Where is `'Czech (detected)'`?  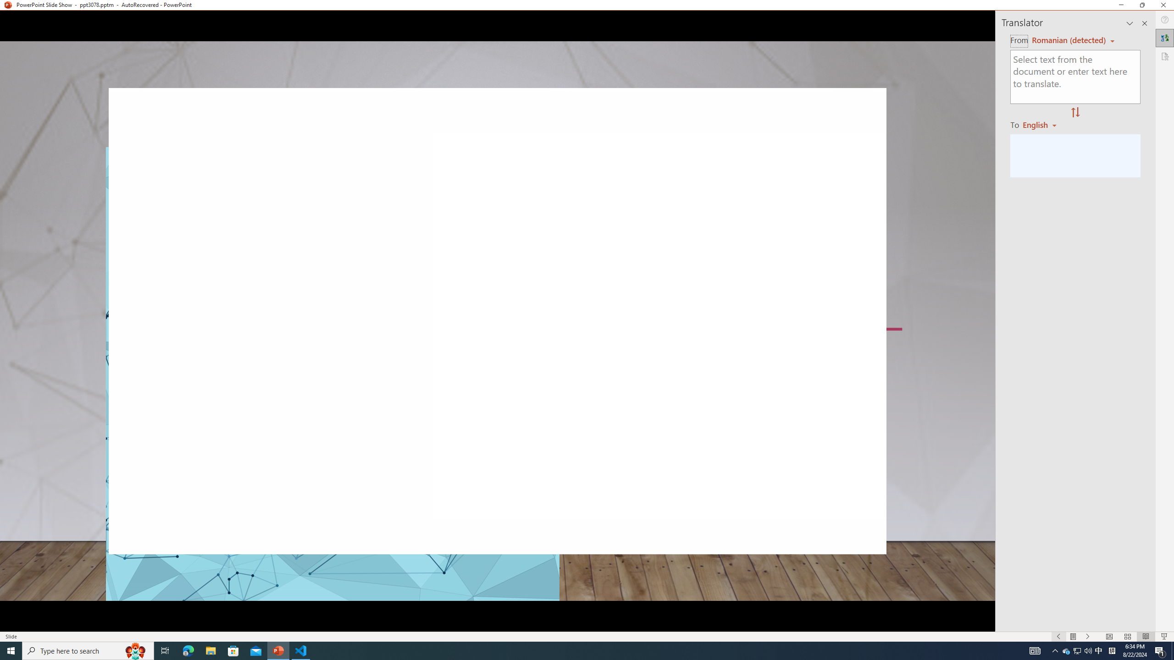 'Czech (detected)' is located at coordinates (1067, 40).